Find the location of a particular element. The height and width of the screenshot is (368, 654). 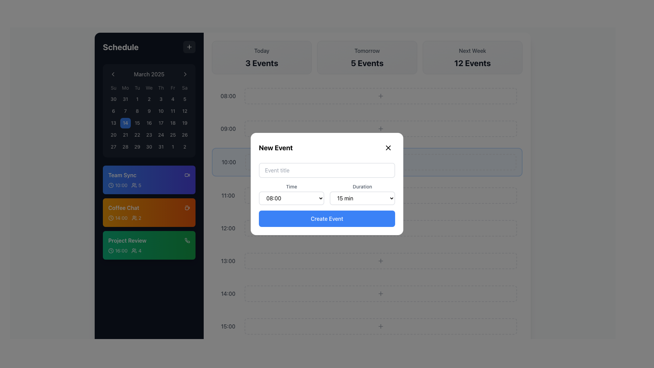

the date selector button in the calendar grid that displays events for March 2025, located in the second row and fourth column is located at coordinates (149, 111).